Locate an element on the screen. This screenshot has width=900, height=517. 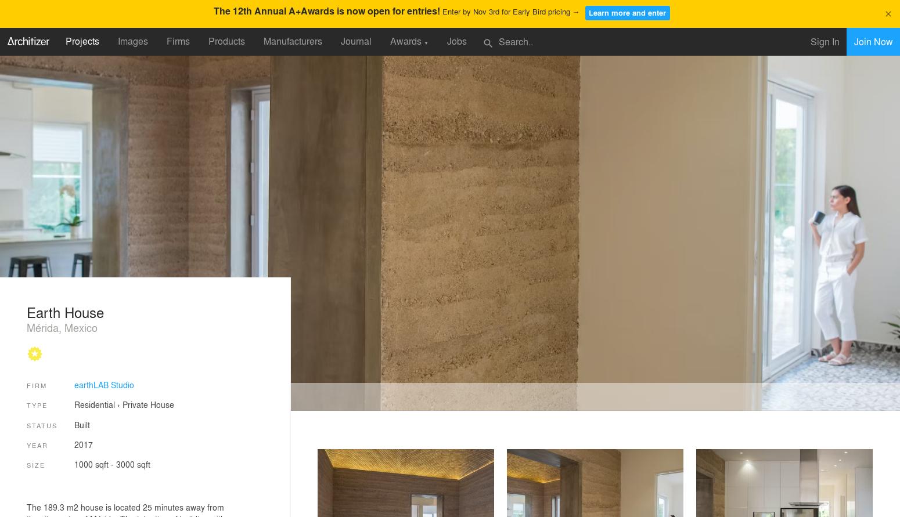
'Earth House' is located at coordinates (65, 312).